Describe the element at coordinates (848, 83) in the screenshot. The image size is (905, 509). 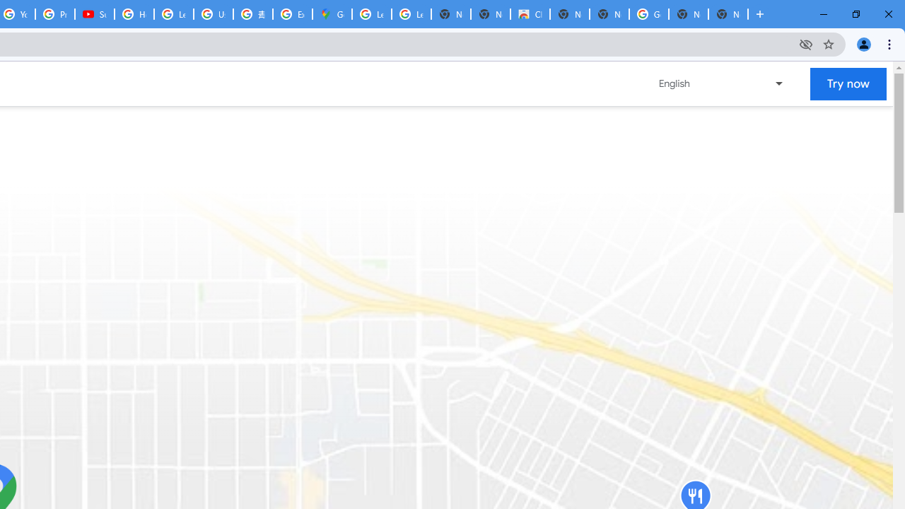
I see `'Try now'` at that location.